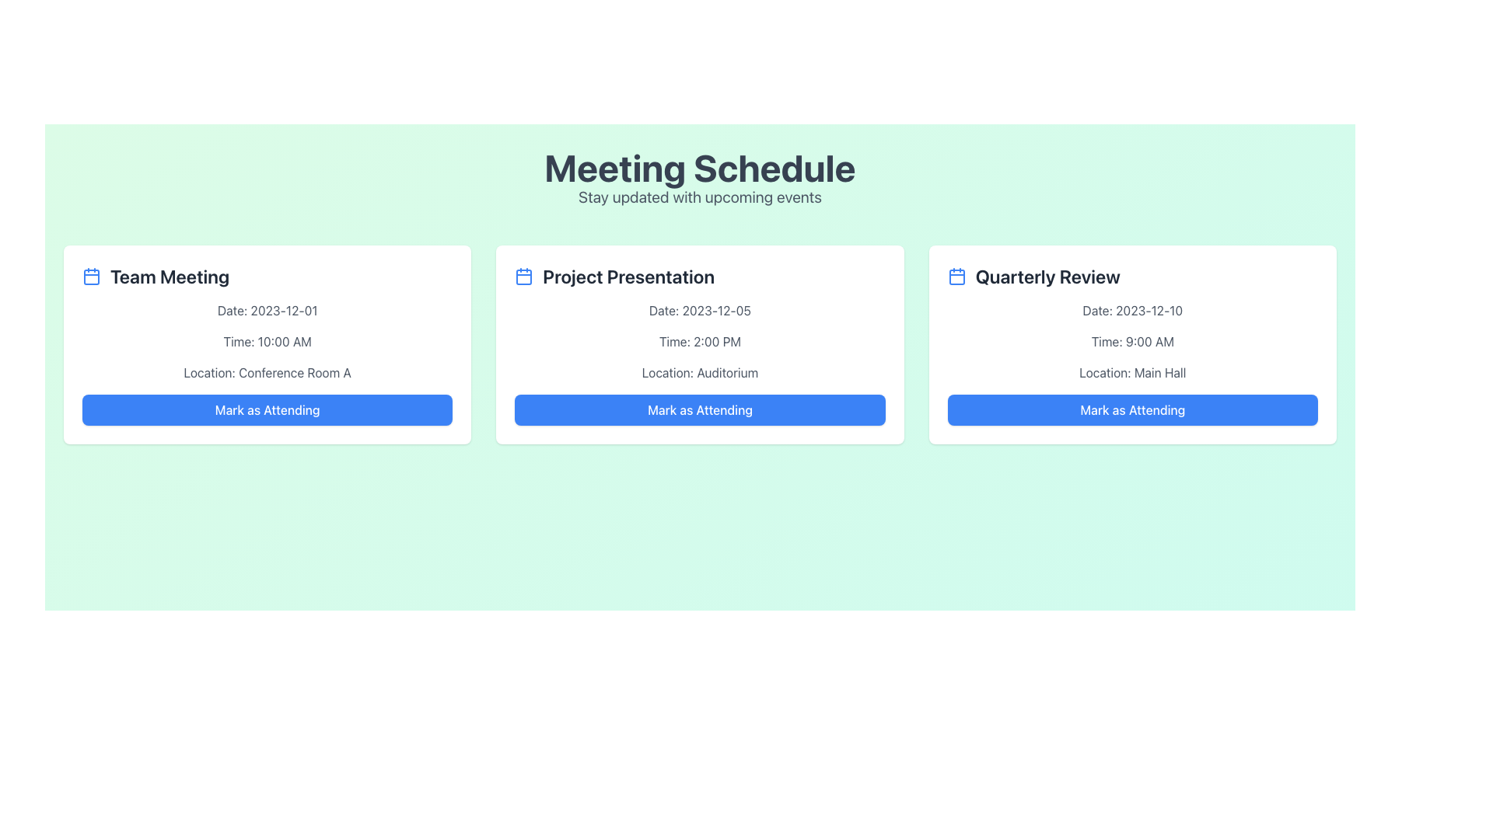  What do you see at coordinates (267, 340) in the screenshot?
I see `the static text label displaying 'Time: 10:00 AM' in the 'Team Meeting' event card, which is positioned between the date and location details` at bounding box center [267, 340].